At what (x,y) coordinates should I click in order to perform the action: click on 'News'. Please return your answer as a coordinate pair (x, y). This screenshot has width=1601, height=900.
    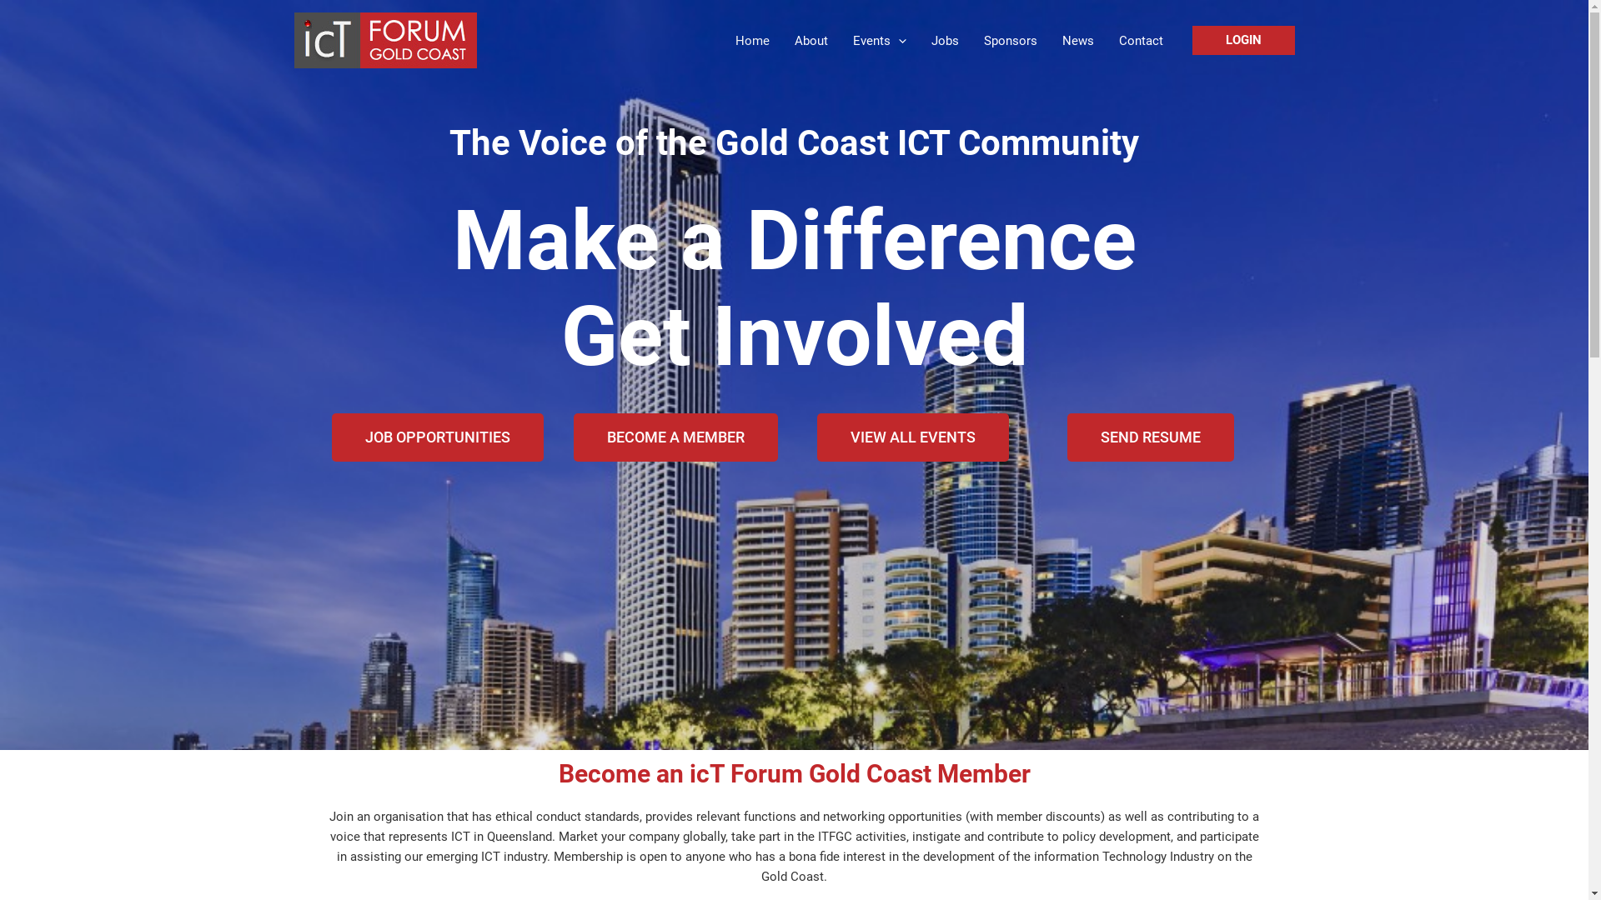
    Looking at the image, I should click on (1077, 40).